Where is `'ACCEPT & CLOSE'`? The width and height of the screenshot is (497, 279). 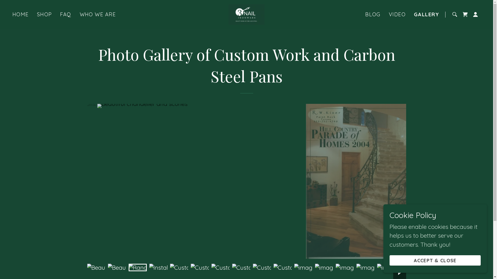 'ACCEPT & CLOSE' is located at coordinates (435, 260).